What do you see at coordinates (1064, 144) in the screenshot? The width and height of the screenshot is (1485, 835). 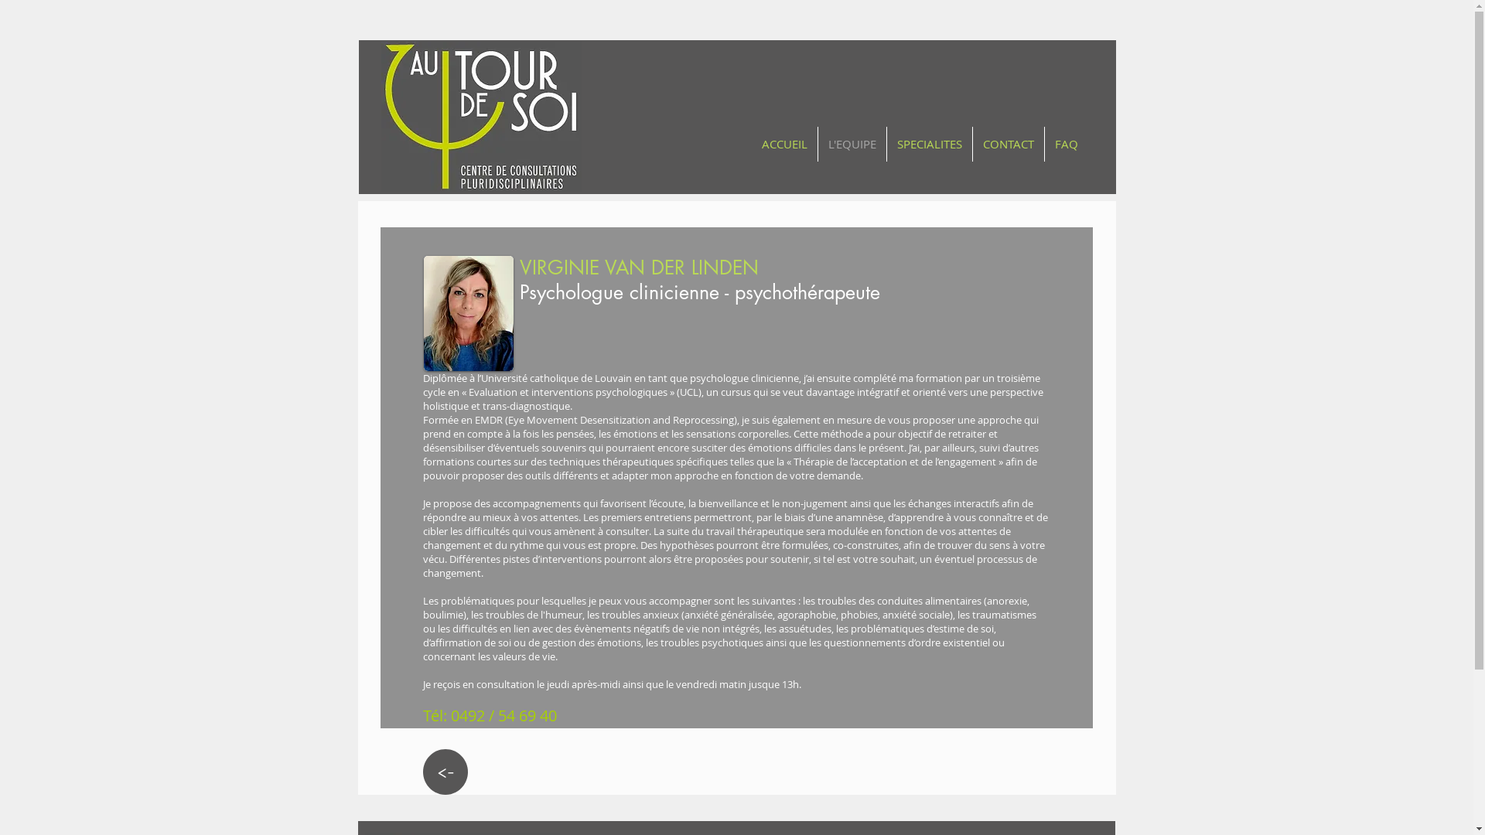 I see `'FAQ'` at bounding box center [1064, 144].